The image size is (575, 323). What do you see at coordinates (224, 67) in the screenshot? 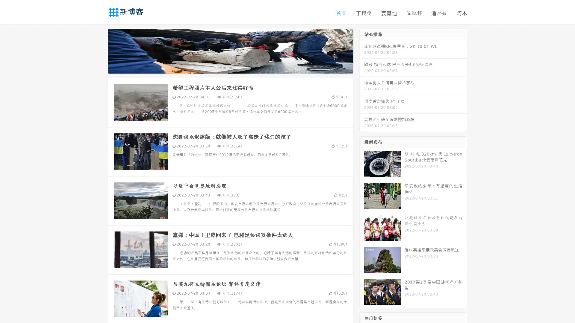
I see `Go to slide 1` at bounding box center [224, 67].